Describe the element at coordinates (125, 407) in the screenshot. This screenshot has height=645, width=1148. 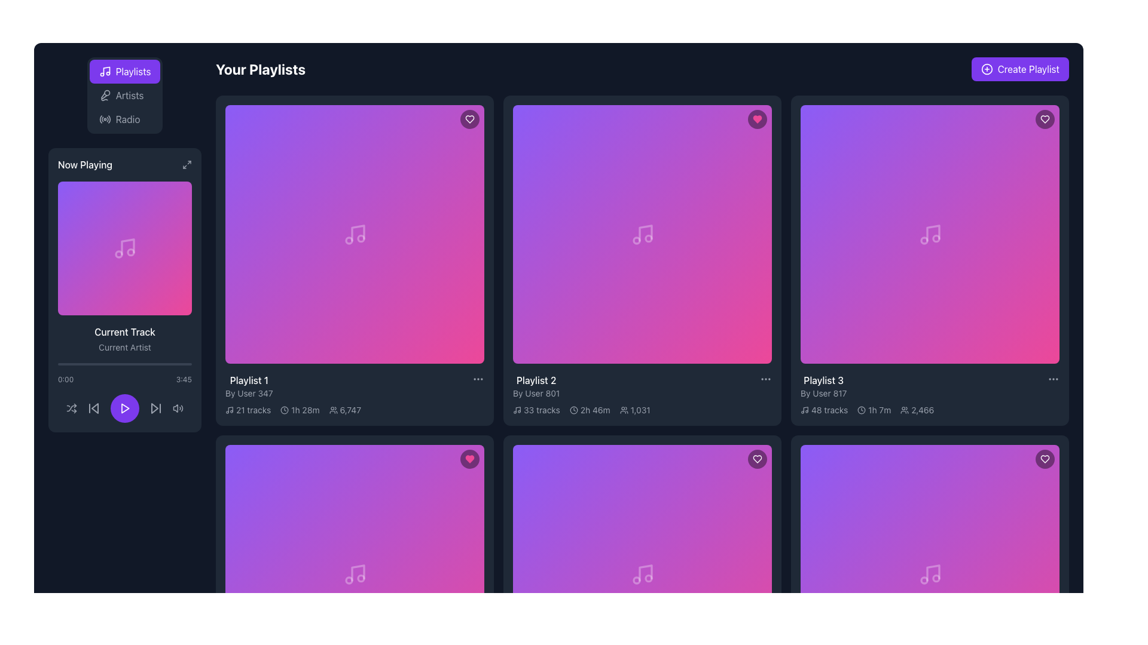
I see `the centrally positioned play/pause toggle button in the 'Now Playing' section` at that location.